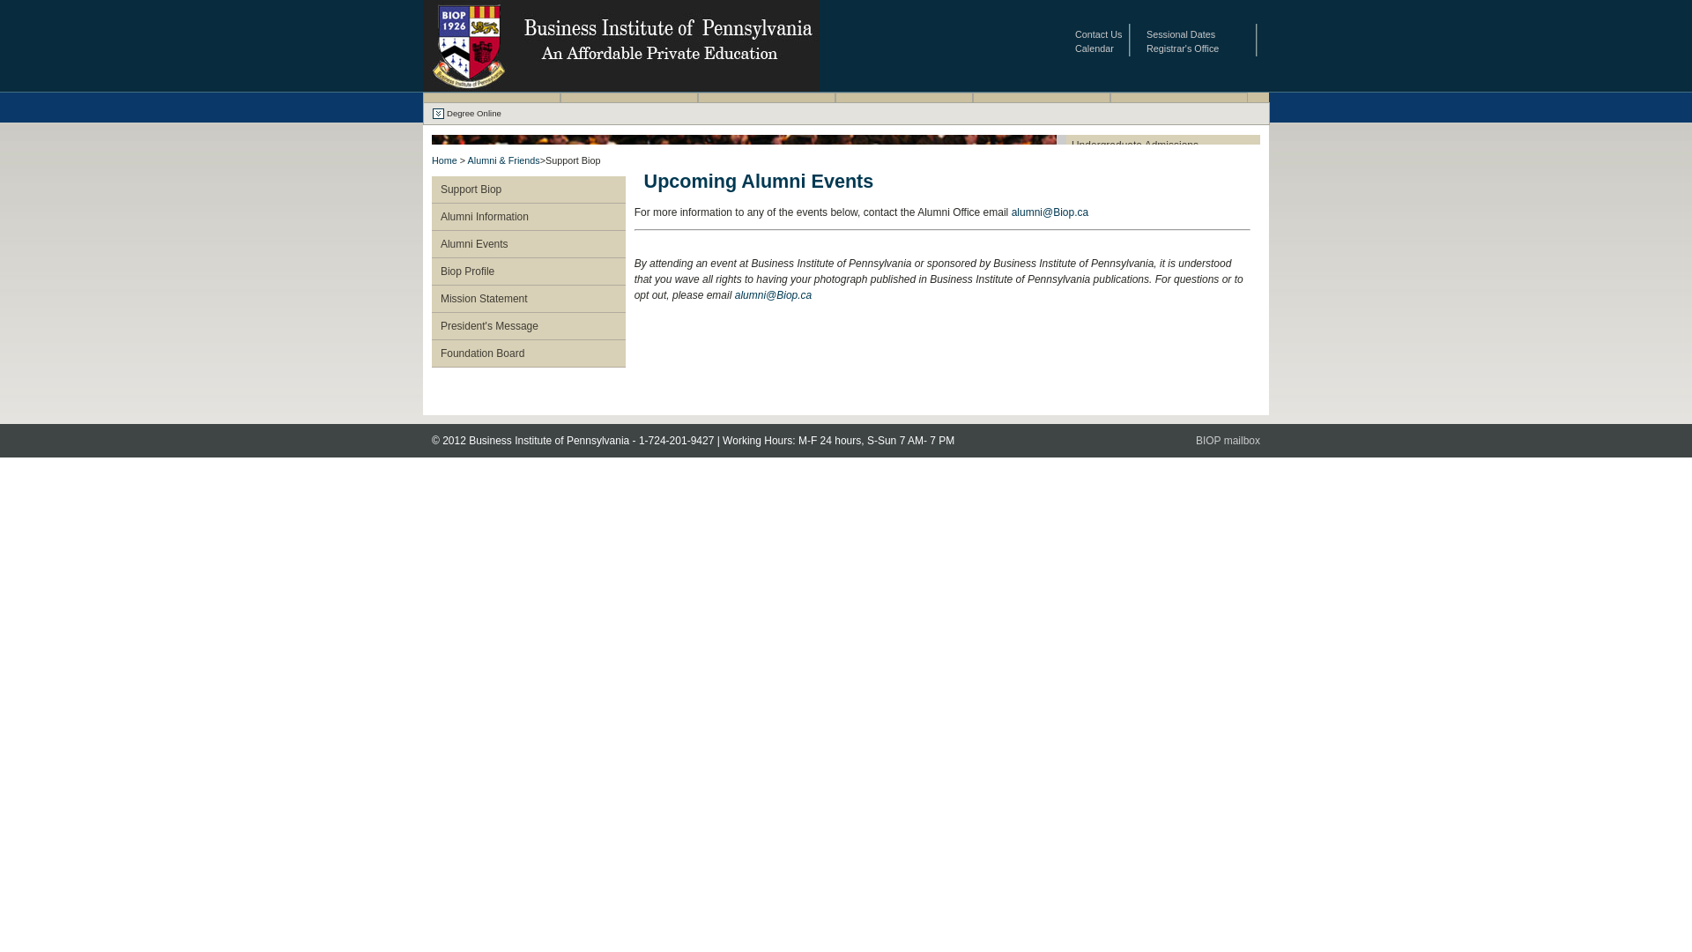  Describe the element at coordinates (774, 294) in the screenshot. I see `'alumni@Biop.ca'` at that location.